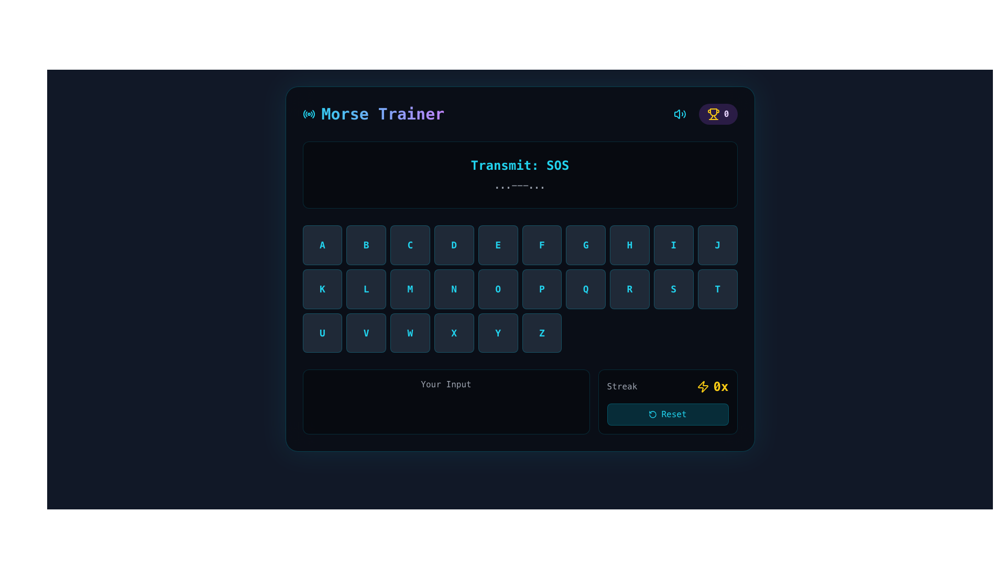 This screenshot has width=1006, height=566. Describe the element at coordinates (520, 289) in the screenshot. I see `a key in the Morse code training application's grid, located centrally below the 'Transmit: SOS' section` at that location.